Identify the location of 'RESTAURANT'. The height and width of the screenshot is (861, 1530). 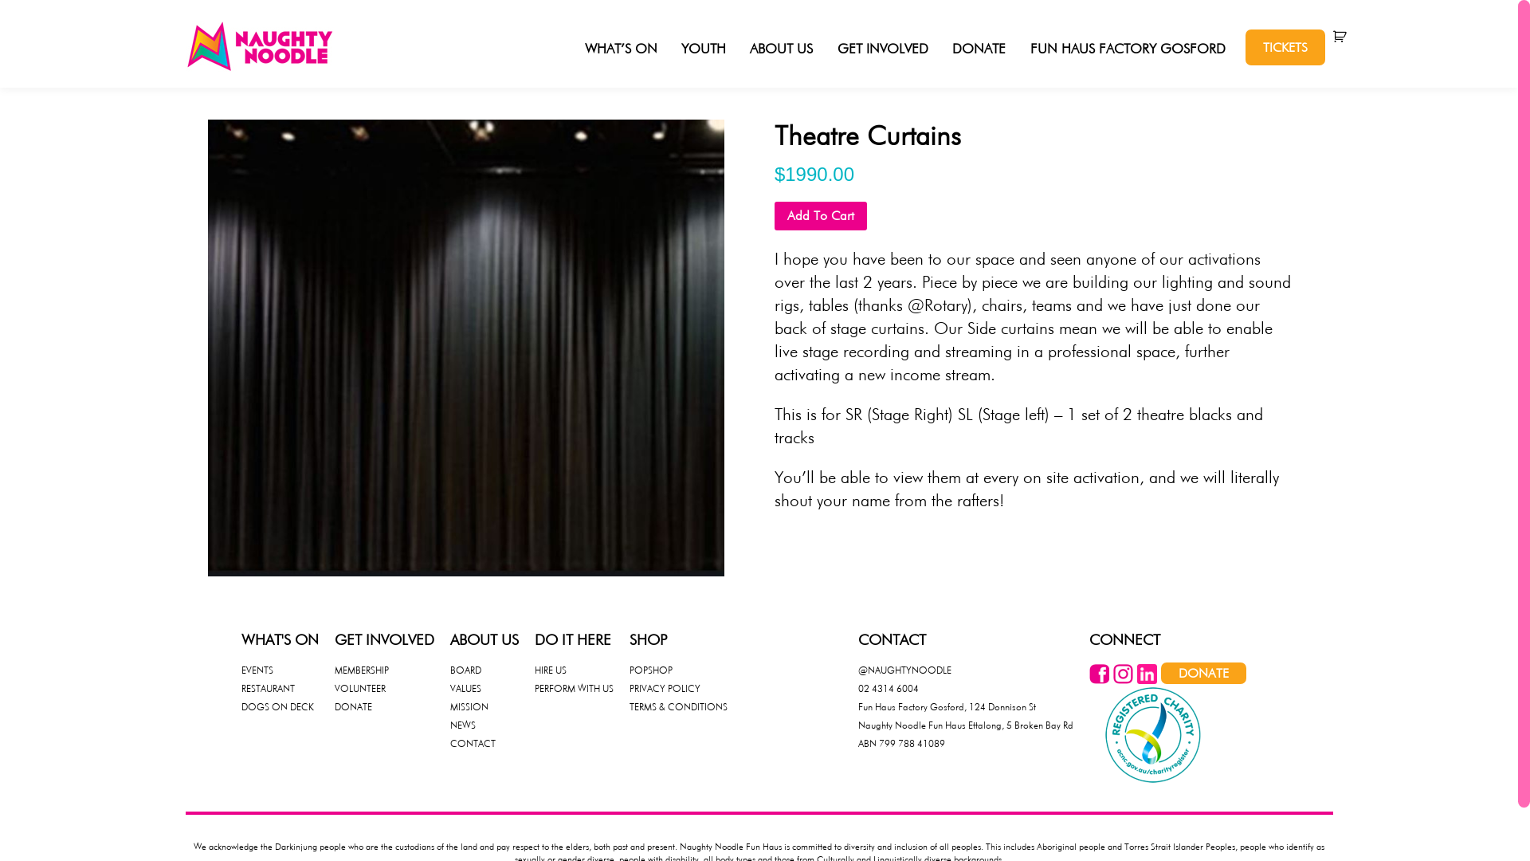
(267, 687).